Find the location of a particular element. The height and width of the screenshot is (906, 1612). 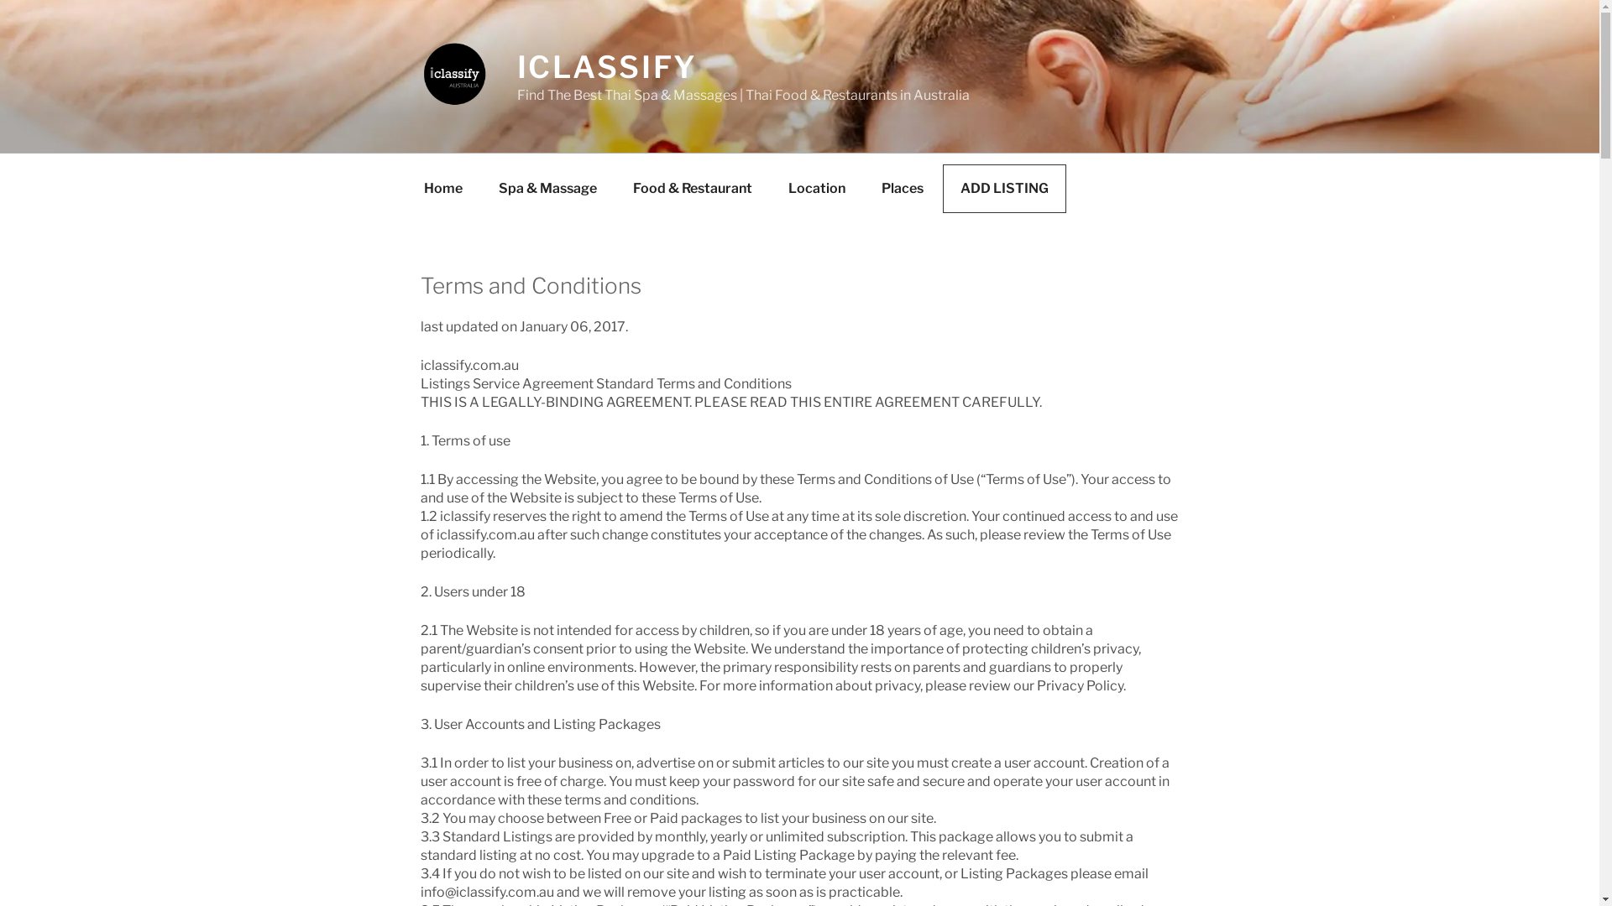

'Location' is located at coordinates (816, 188).